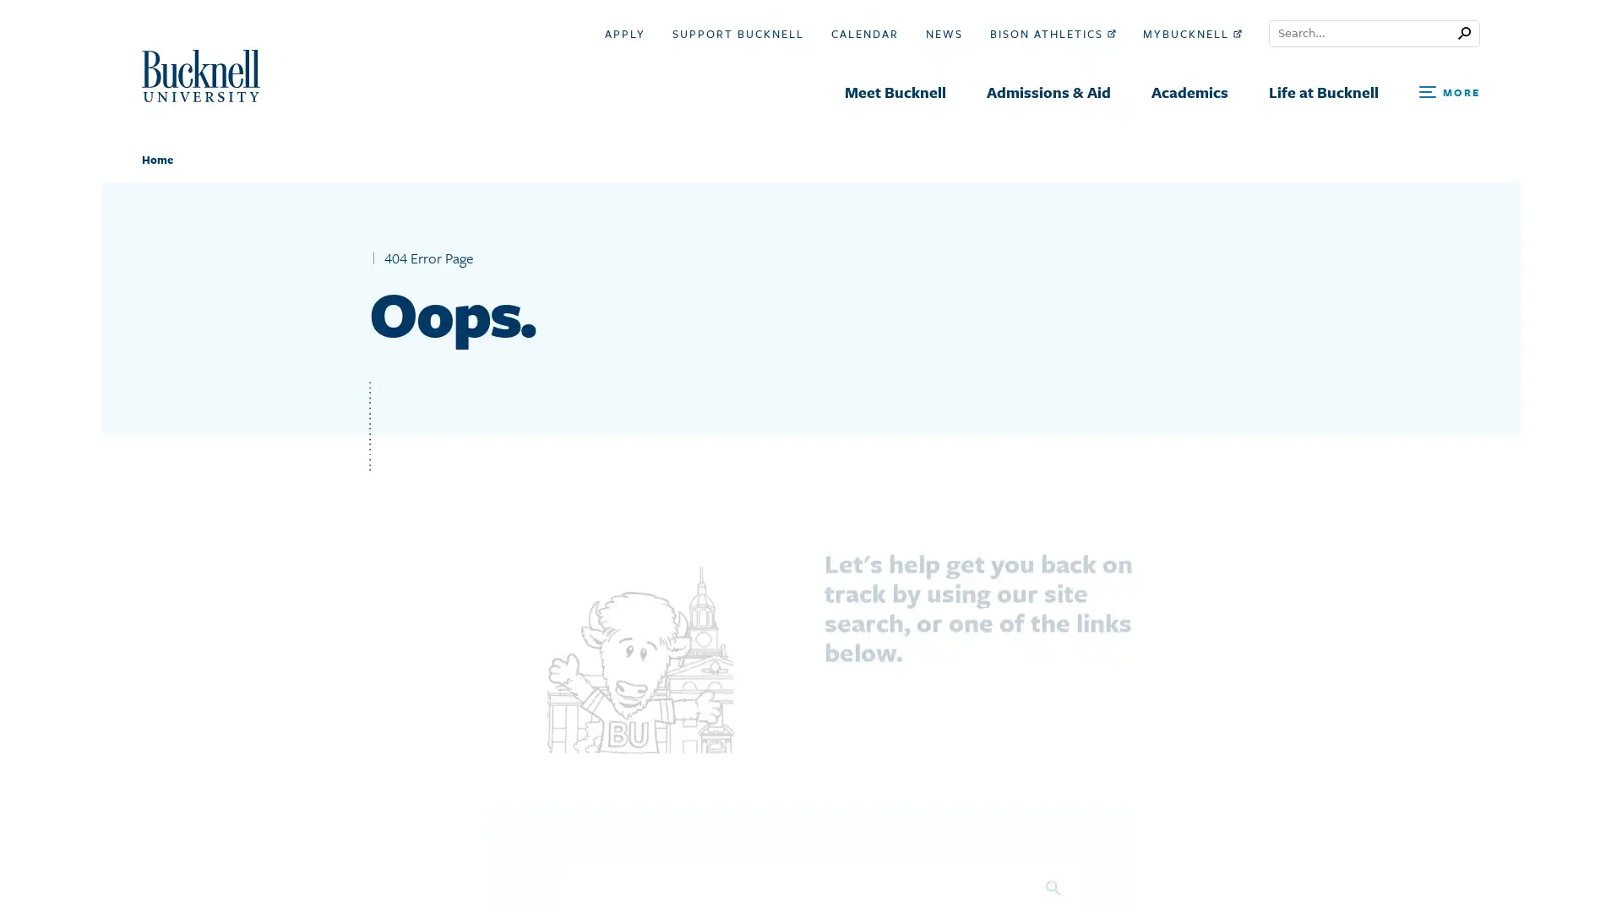 This screenshot has width=1622, height=912. Describe the element at coordinates (1467, 33) in the screenshot. I see `Submit` at that location.